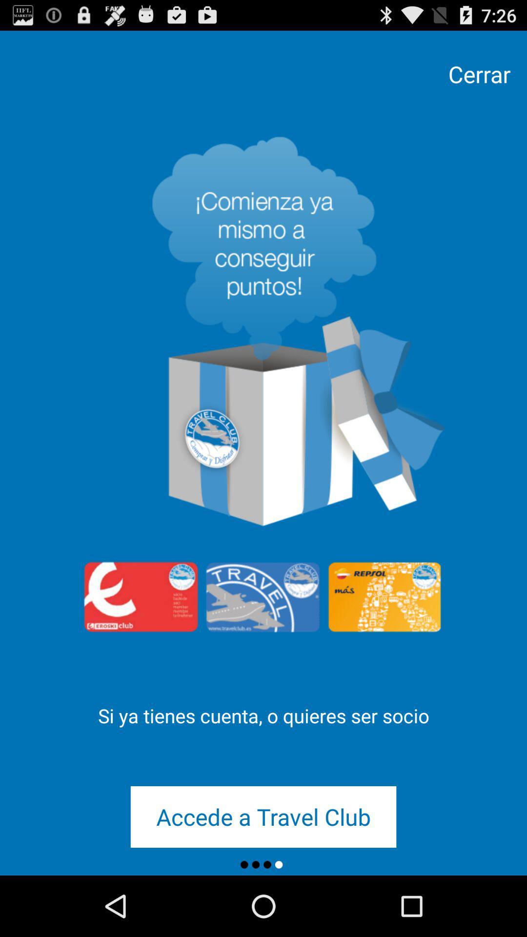 This screenshot has height=937, width=527. I want to click on the cerrar button, so click(479, 74).